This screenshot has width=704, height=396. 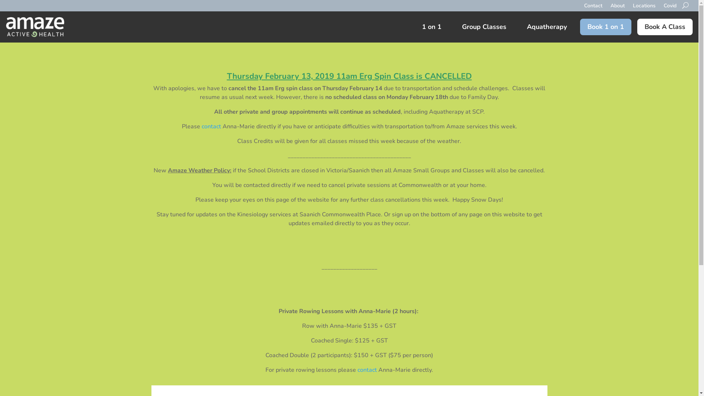 What do you see at coordinates (432, 26) in the screenshot?
I see `'1 on 1'` at bounding box center [432, 26].